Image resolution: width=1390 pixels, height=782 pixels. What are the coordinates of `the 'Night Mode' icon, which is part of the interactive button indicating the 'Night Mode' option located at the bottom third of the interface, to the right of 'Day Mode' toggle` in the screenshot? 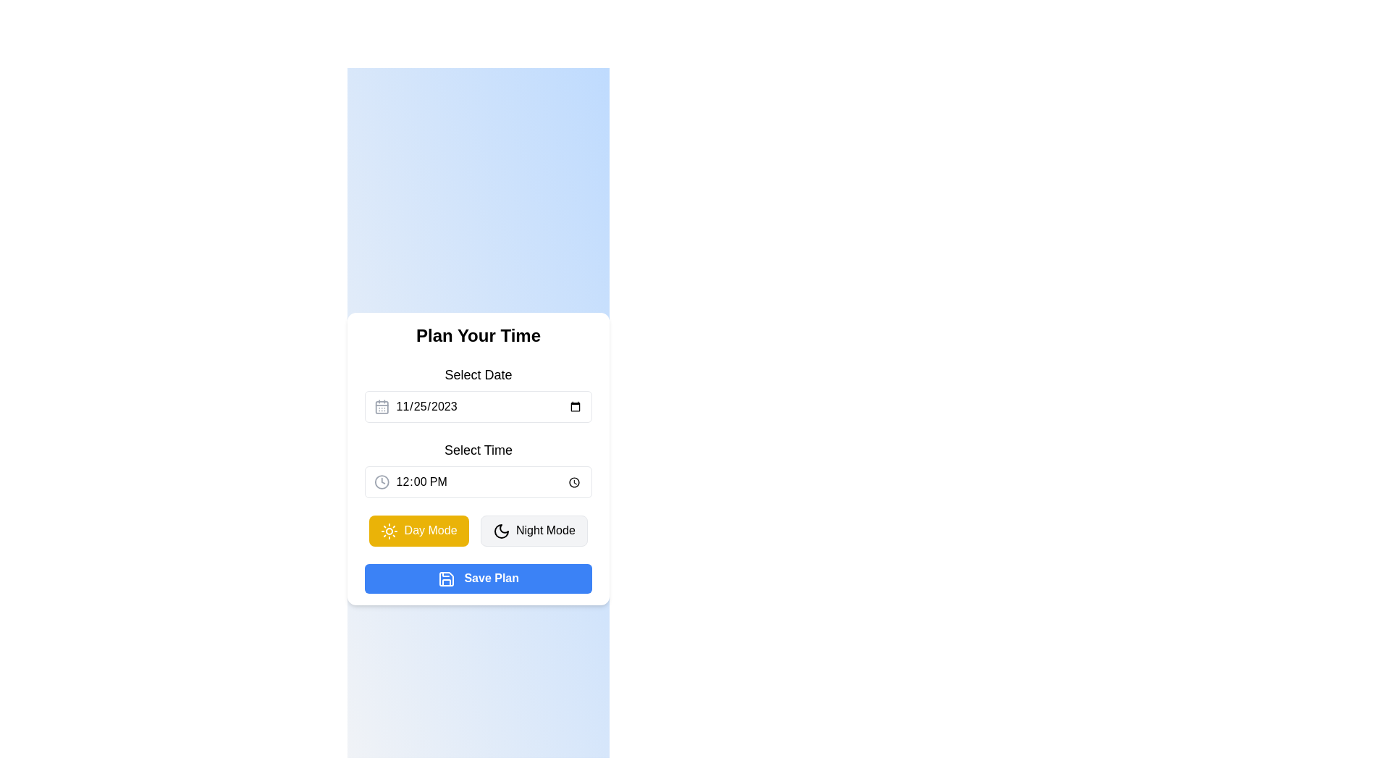 It's located at (501, 531).